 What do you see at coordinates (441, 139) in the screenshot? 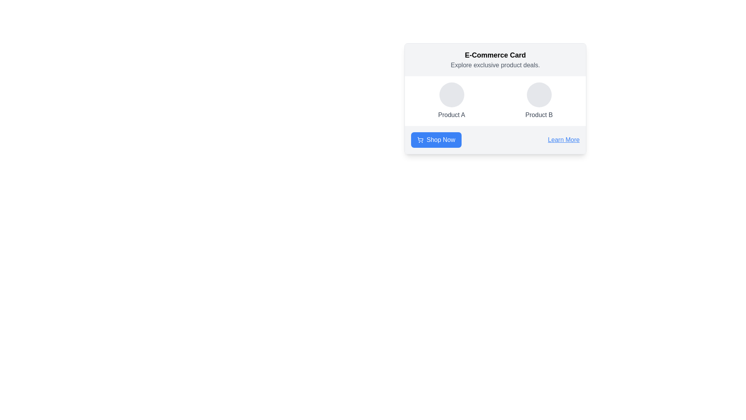
I see `the 'Shop Now' button located in the bottom-left corner of the card interface` at bounding box center [441, 139].